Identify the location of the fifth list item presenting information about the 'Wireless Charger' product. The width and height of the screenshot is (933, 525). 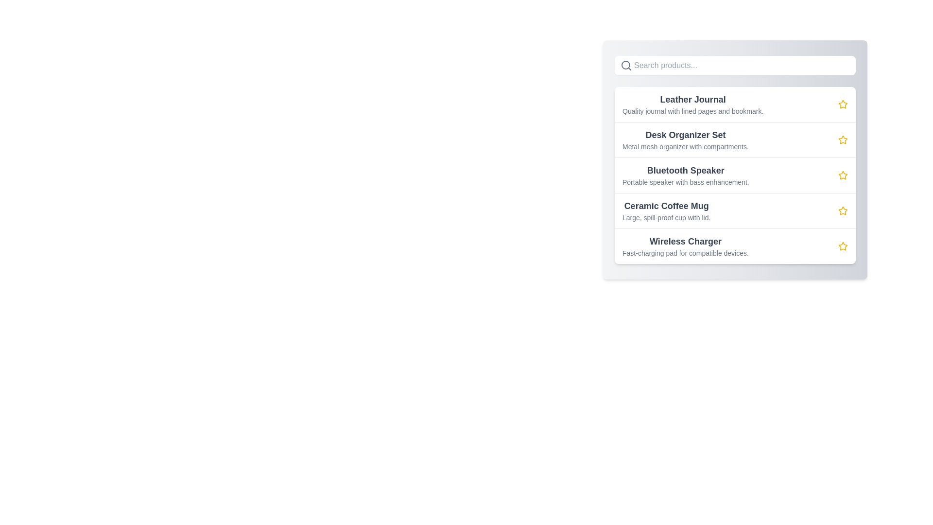
(735, 245).